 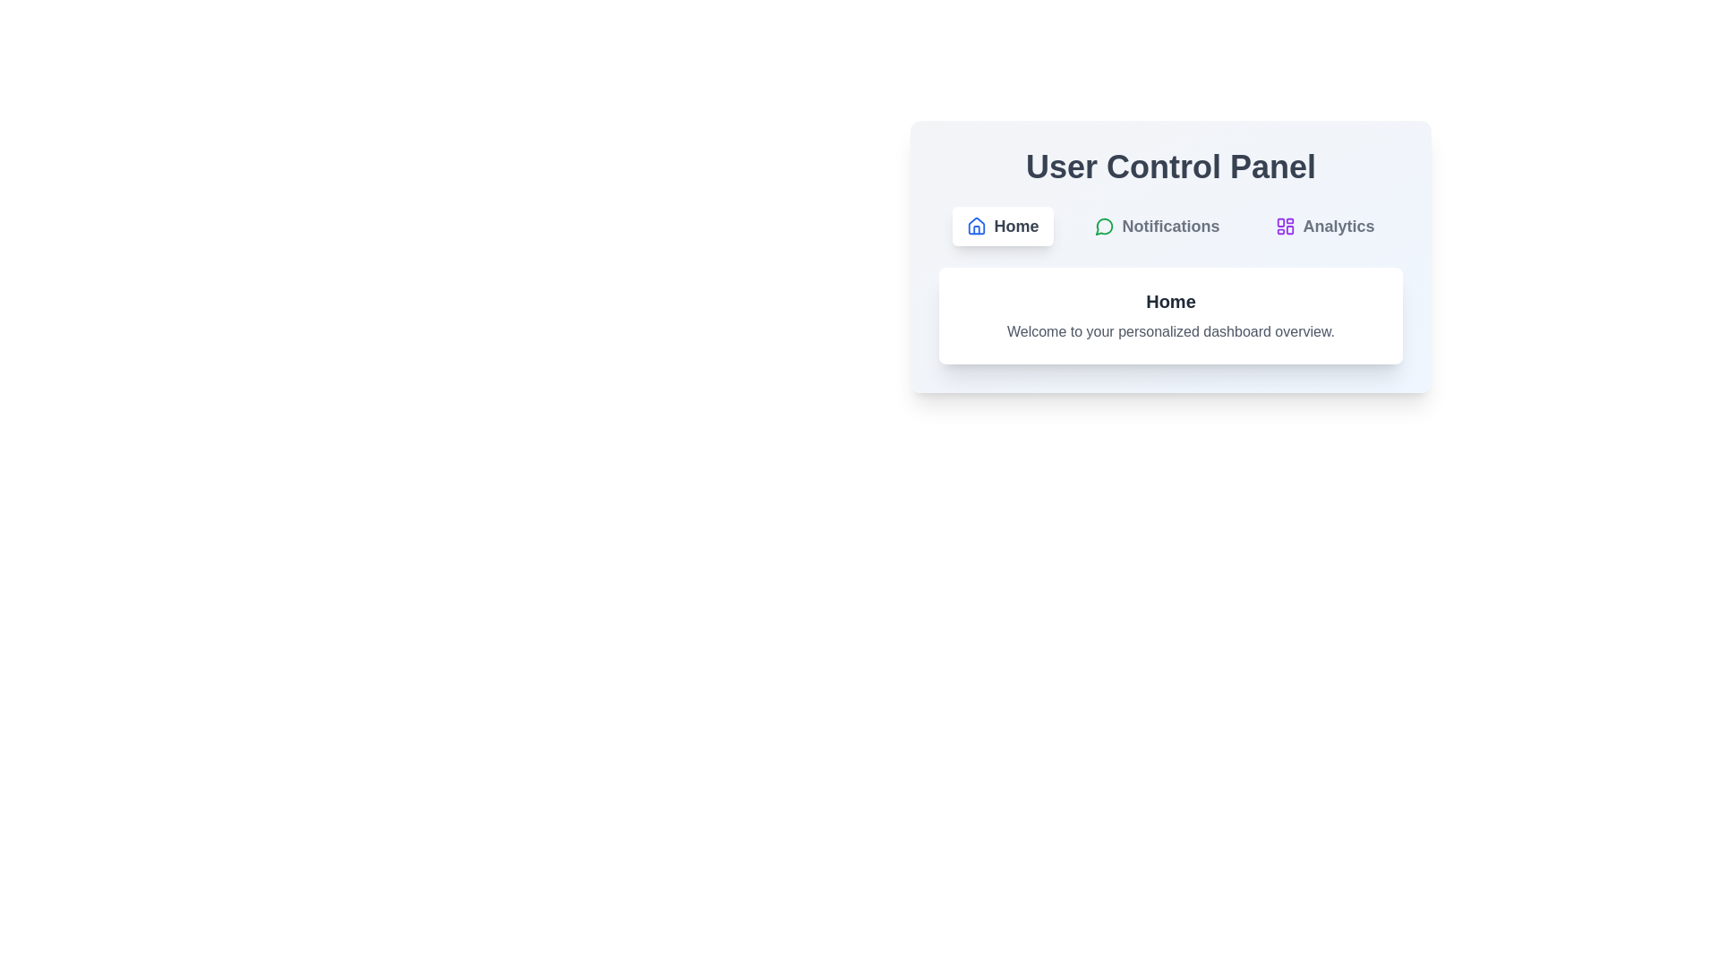 What do you see at coordinates (1324, 226) in the screenshot?
I see `the button labeled Analytics` at bounding box center [1324, 226].